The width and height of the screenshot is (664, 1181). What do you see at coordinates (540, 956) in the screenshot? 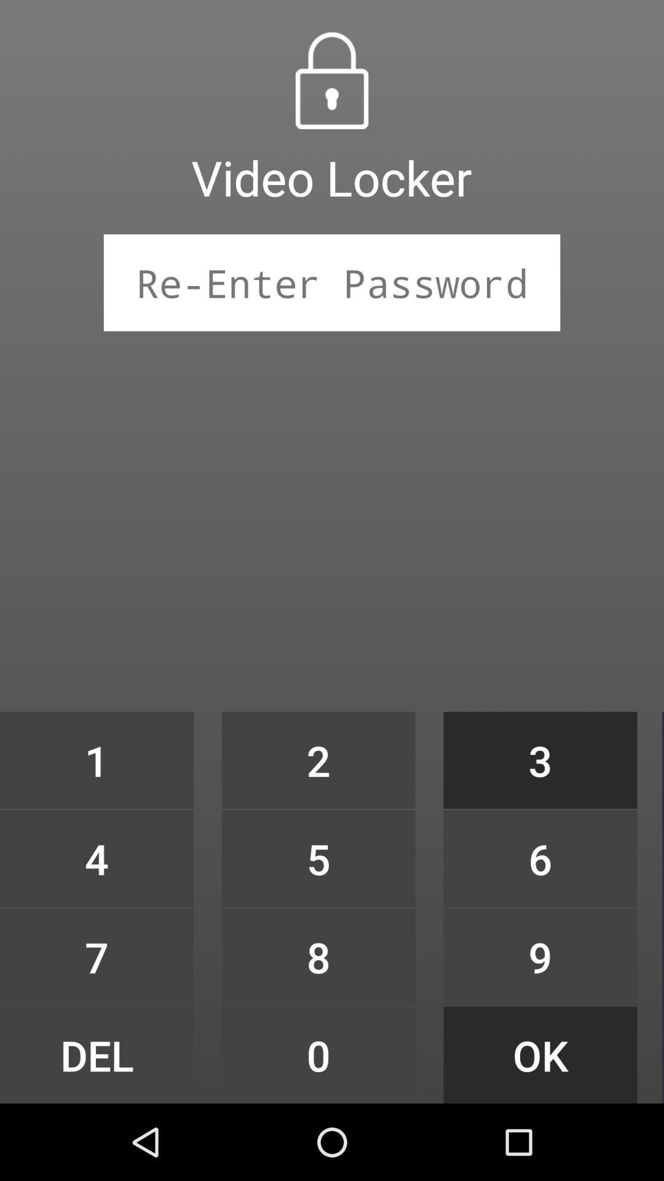
I see `icon next to 5 icon` at bounding box center [540, 956].